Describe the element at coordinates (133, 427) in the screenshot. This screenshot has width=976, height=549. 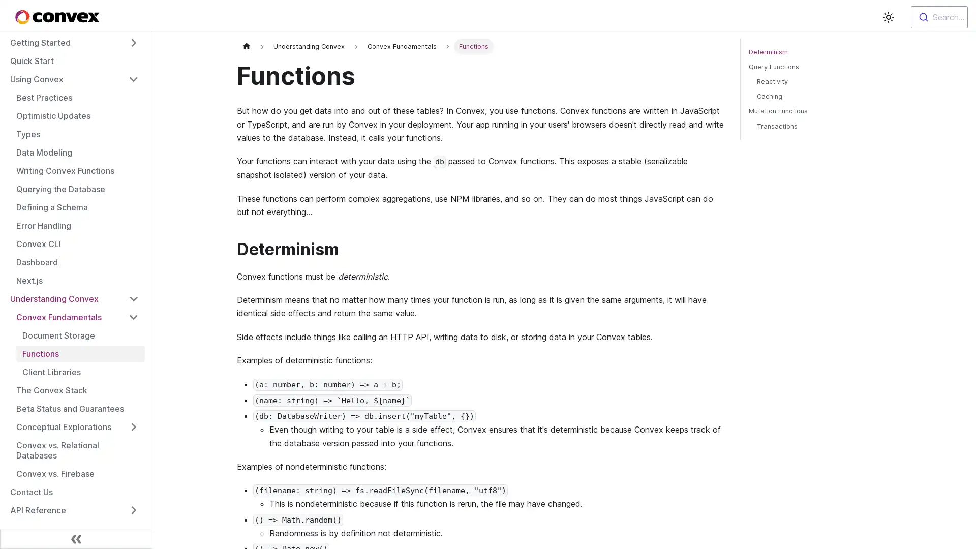
I see `Toggle the collapsible sidebar category 'Conceptual Explorations'` at that location.